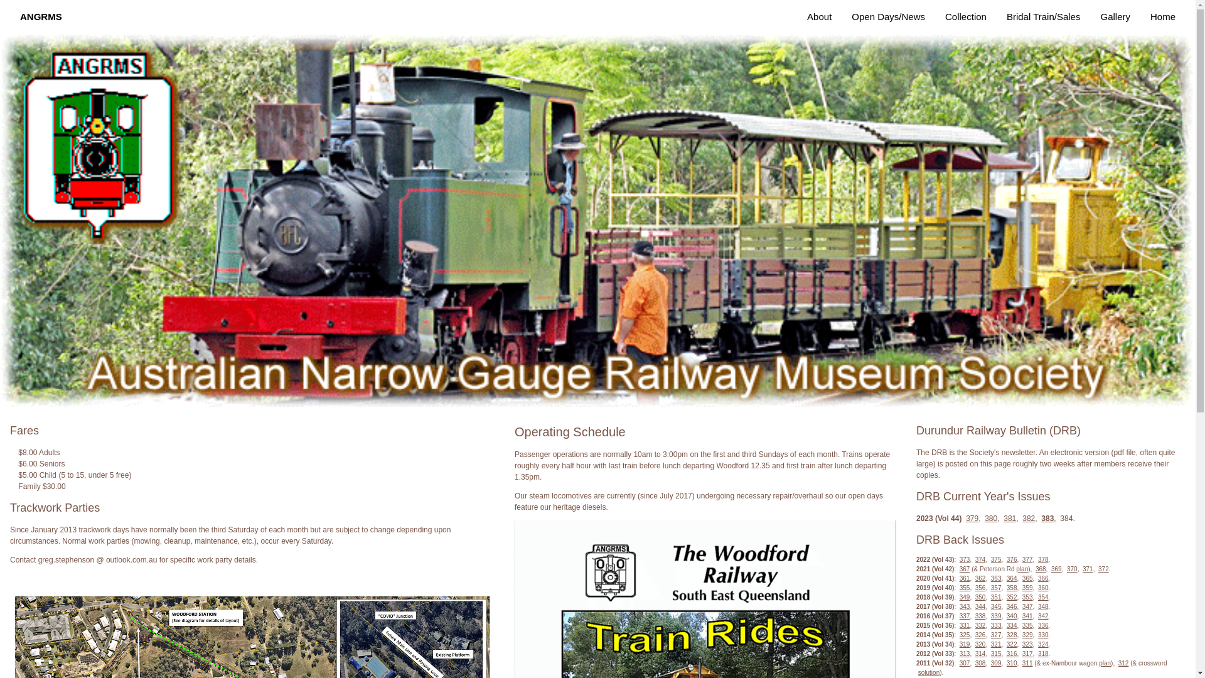 The height and width of the screenshot is (678, 1205). I want to click on '324', so click(1038, 644).